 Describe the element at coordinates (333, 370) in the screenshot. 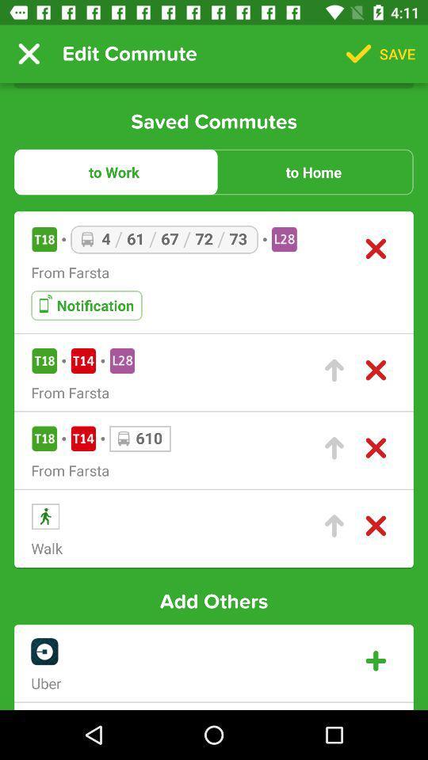

I see `upload button` at that location.